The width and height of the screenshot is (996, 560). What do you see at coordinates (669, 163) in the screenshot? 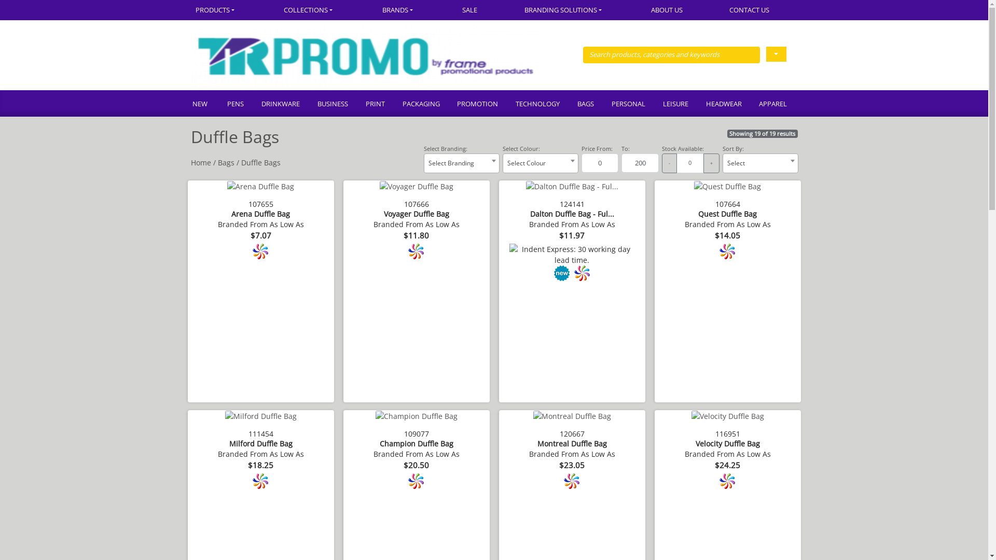
I see `'-'` at bounding box center [669, 163].